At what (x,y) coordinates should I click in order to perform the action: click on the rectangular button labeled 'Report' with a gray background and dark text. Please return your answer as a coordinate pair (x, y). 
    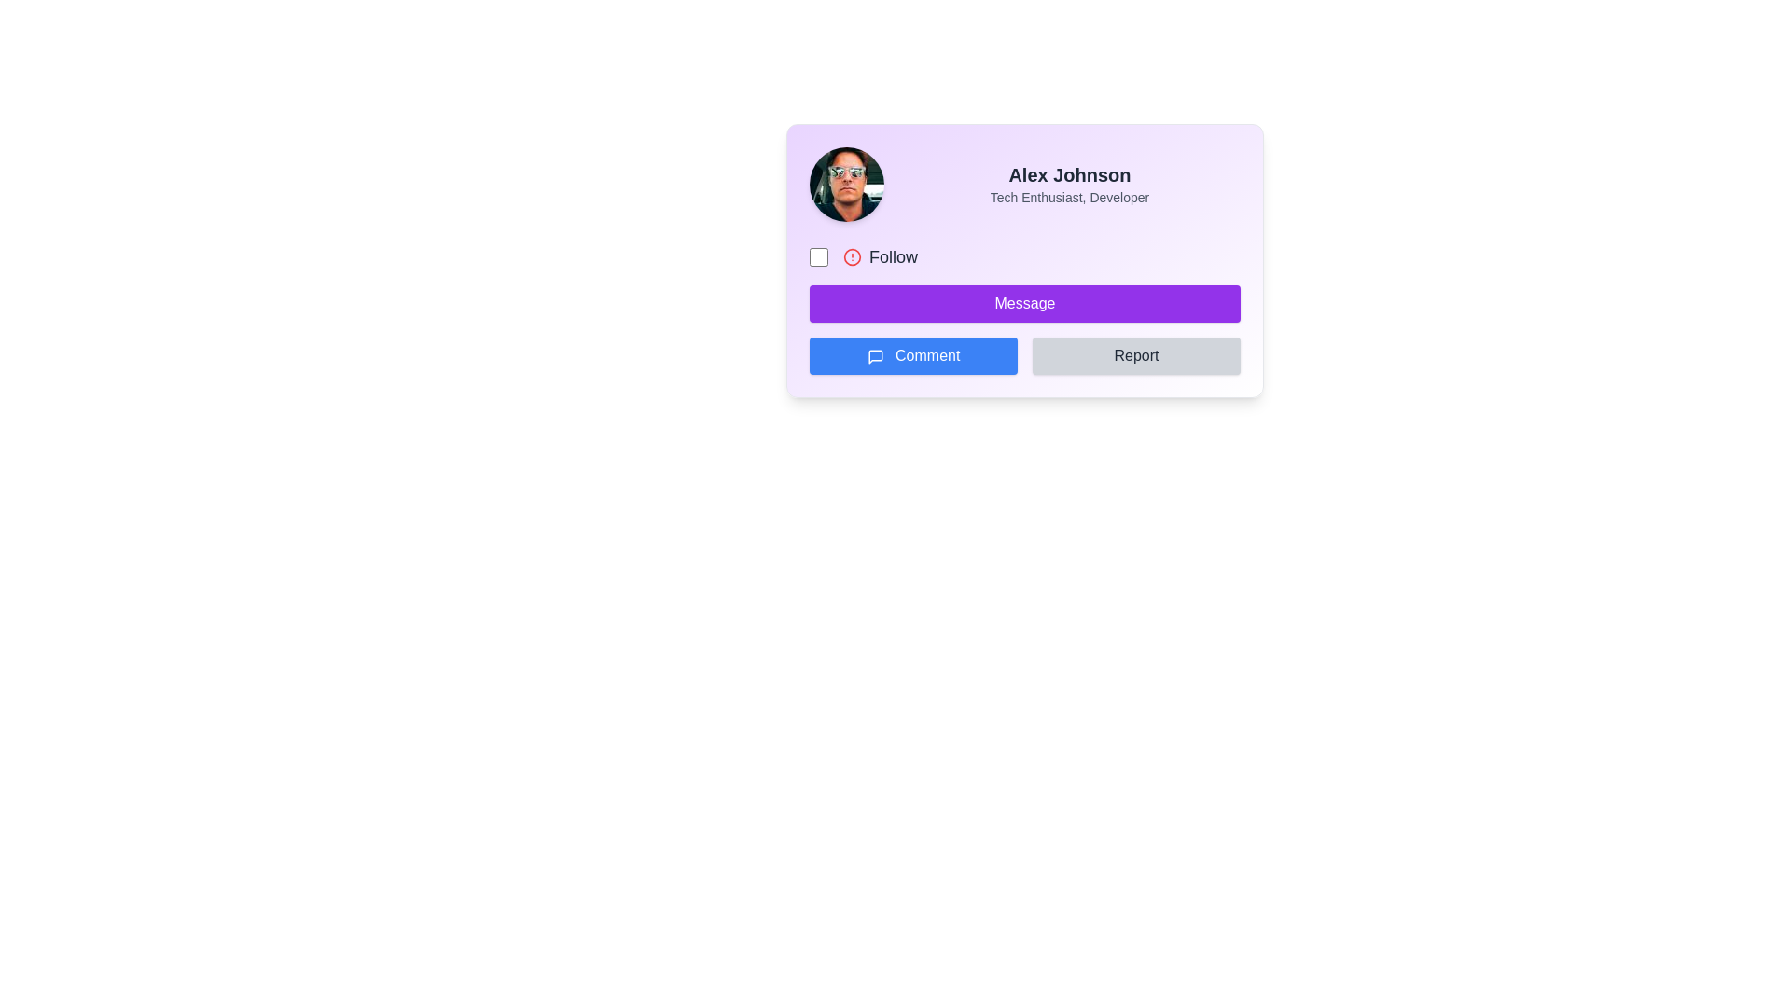
    Looking at the image, I should click on (1135, 355).